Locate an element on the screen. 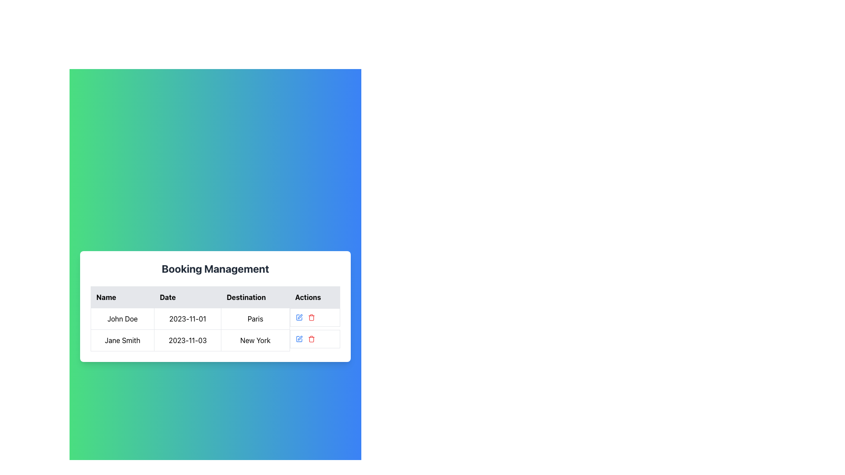  the text label displaying a person's name in the first row of the table under the 'Name' column is located at coordinates (122, 319).